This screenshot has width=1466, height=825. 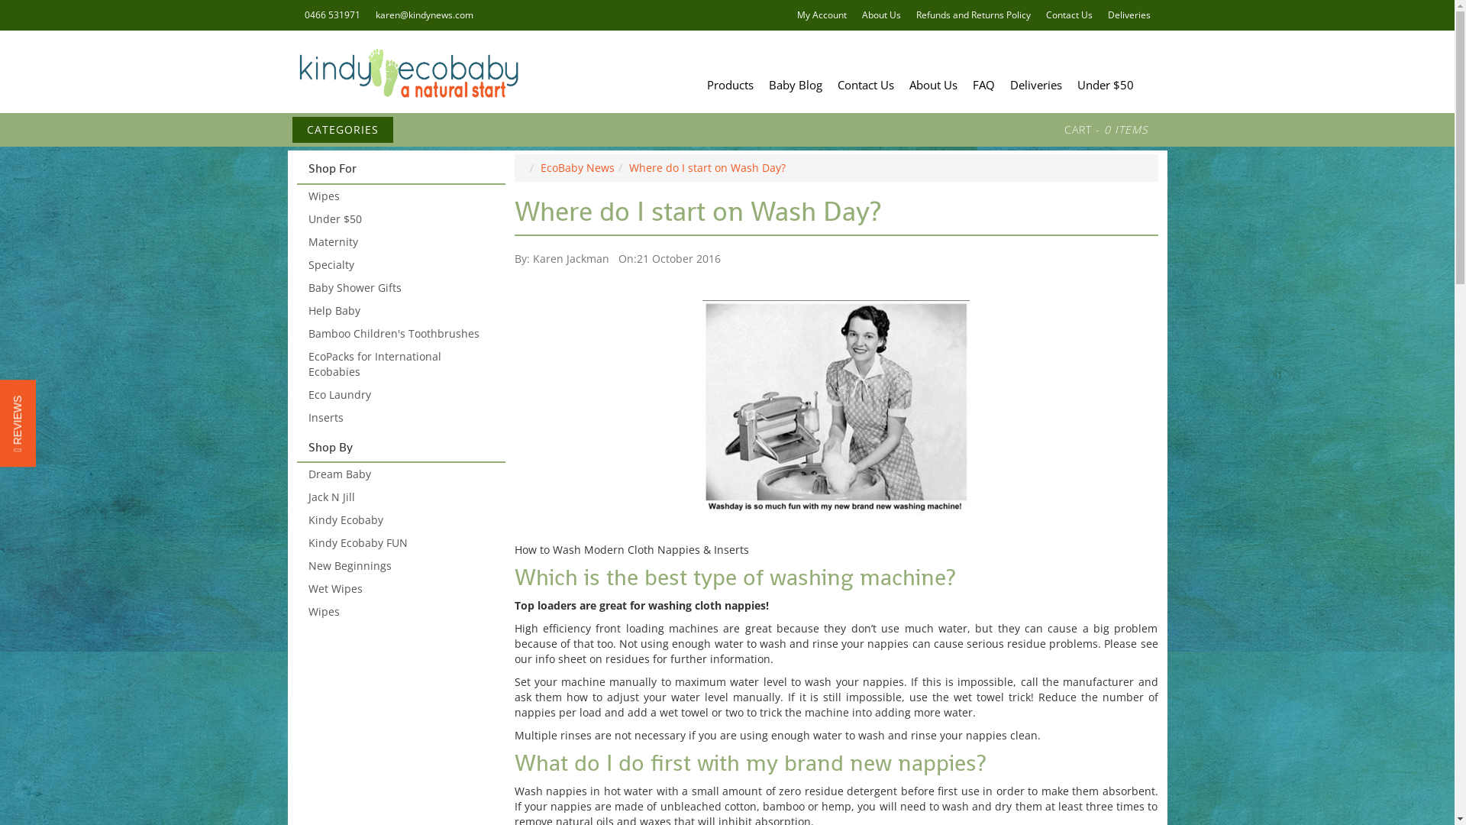 What do you see at coordinates (1038, 15) in the screenshot?
I see `'Contact Us'` at bounding box center [1038, 15].